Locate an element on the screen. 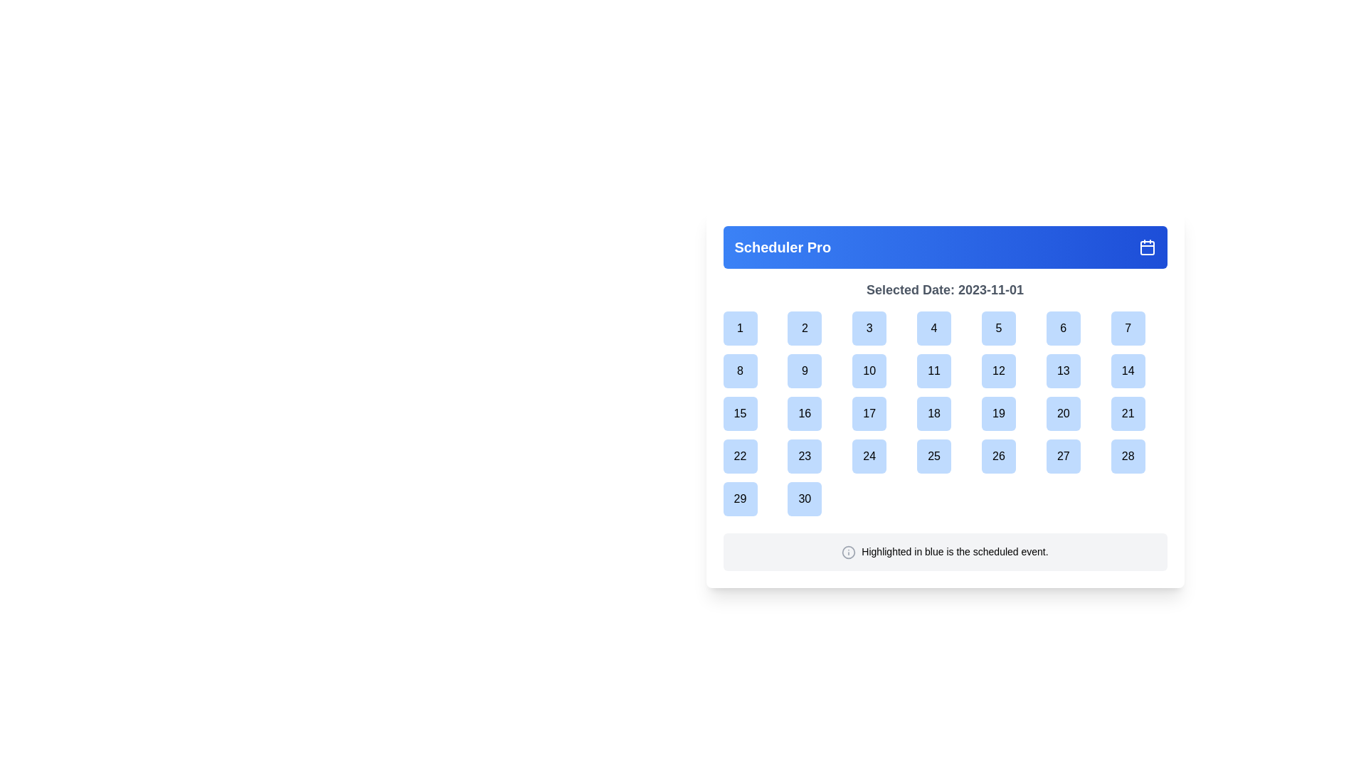 Image resolution: width=1366 pixels, height=768 pixels. the date '30' button in the calendar grid, which is a light blue square with rounded corners, located in the last row and second column from the left is located at coordinates (815, 498).